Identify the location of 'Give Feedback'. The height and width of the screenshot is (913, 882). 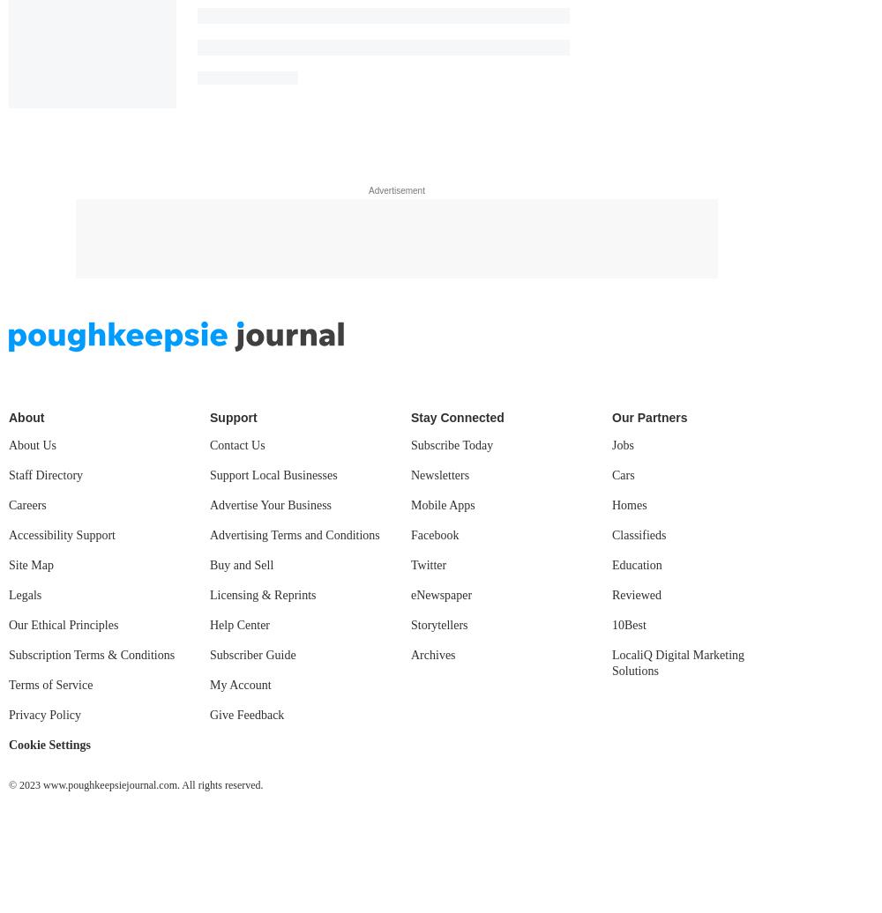
(247, 714).